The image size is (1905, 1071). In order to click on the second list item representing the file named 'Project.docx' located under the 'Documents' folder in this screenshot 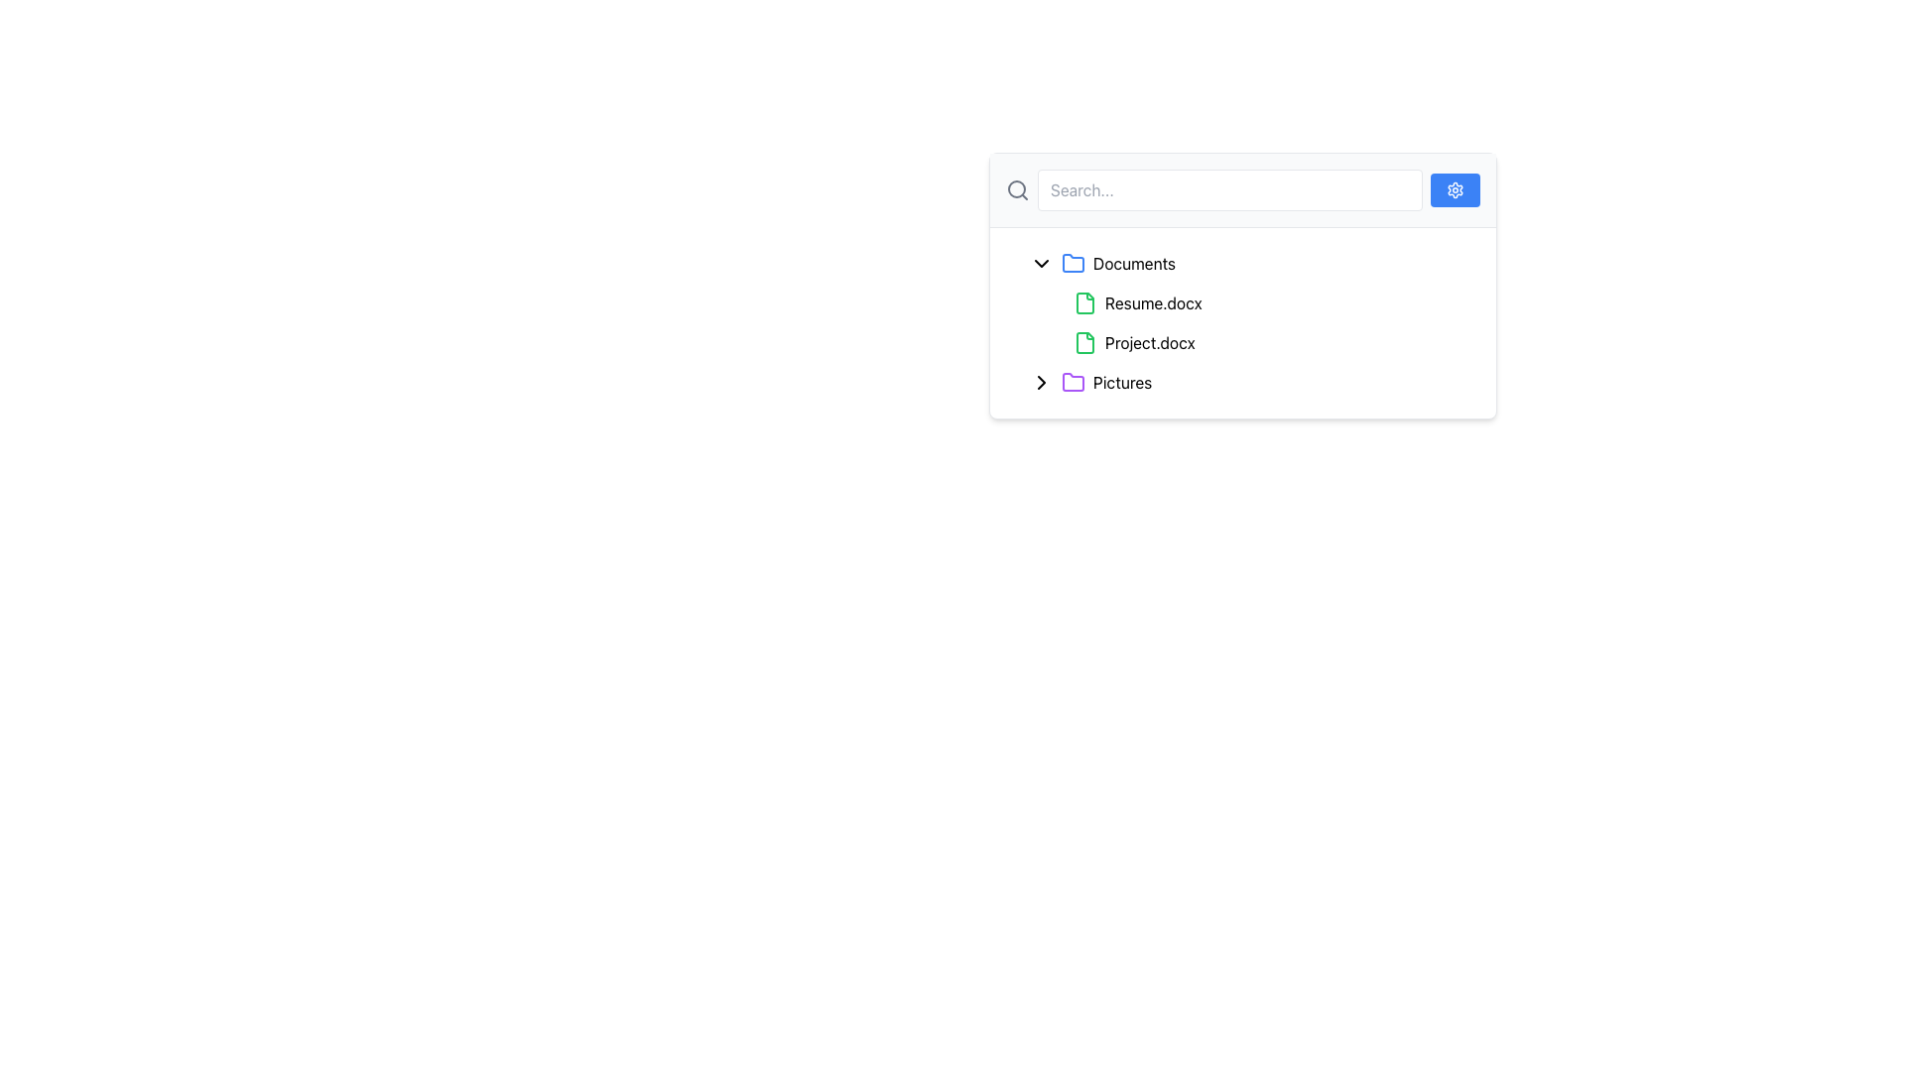, I will do `click(1257, 342)`.